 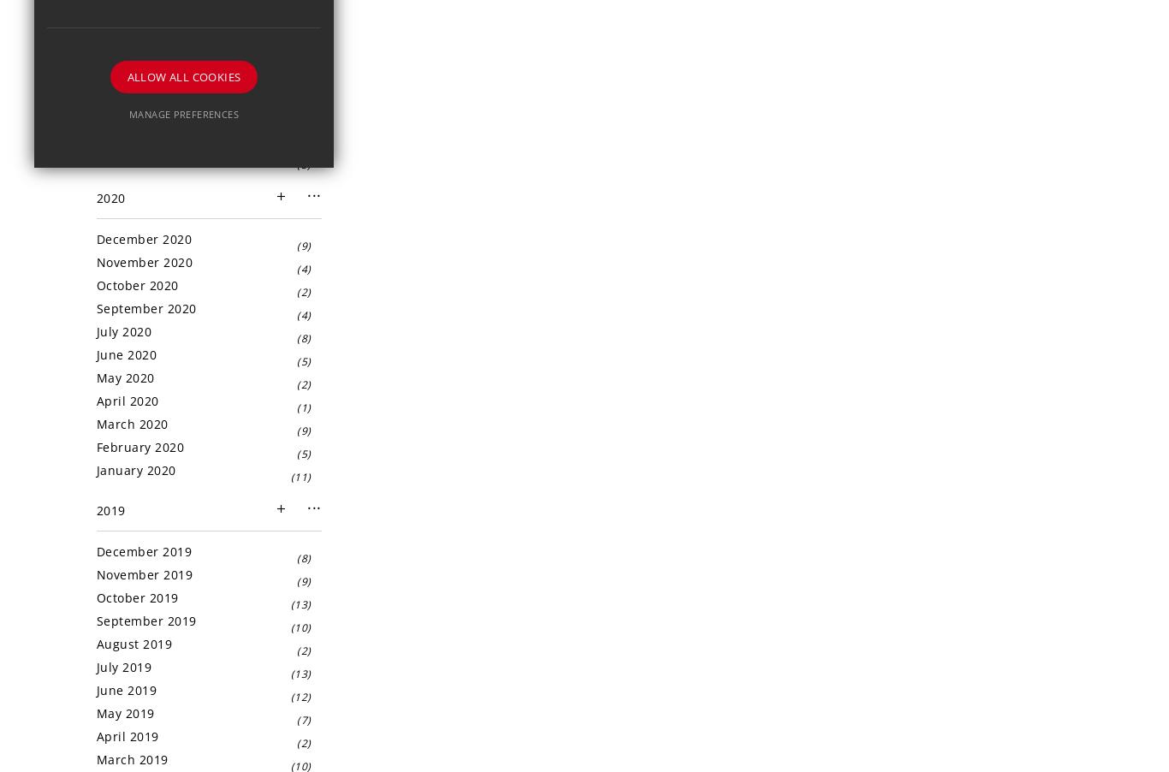 What do you see at coordinates (143, 573) in the screenshot?
I see `'November 2019'` at bounding box center [143, 573].